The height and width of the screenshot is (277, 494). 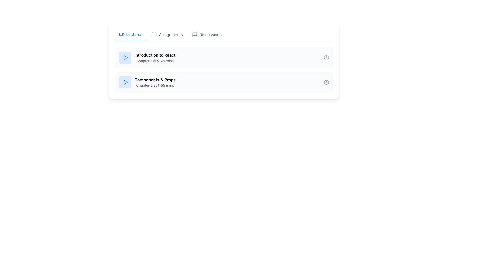 What do you see at coordinates (171, 35) in the screenshot?
I see `the 'Assignments' text link in the horizontal navigation menu` at bounding box center [171, 35].